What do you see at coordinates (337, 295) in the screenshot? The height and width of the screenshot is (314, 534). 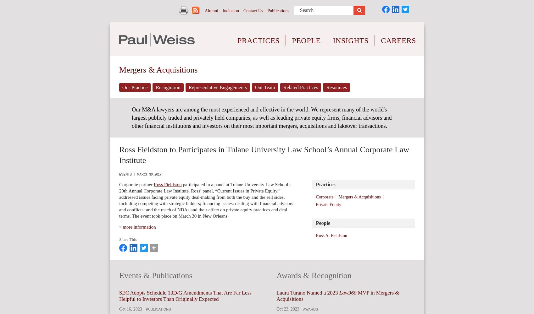 I see `'MVP in Mergers & Acquisitions'` at bounding box center [337, 295].